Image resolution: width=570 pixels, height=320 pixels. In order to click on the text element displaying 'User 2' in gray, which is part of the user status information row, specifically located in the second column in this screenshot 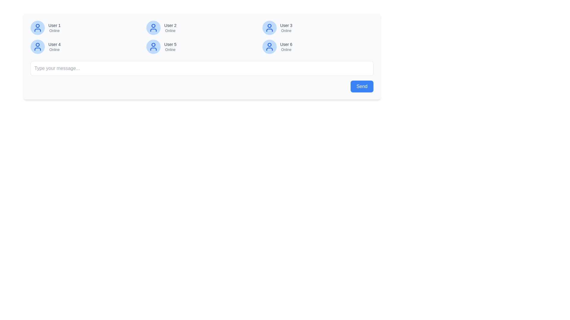, I will do `click(170, 25)`.